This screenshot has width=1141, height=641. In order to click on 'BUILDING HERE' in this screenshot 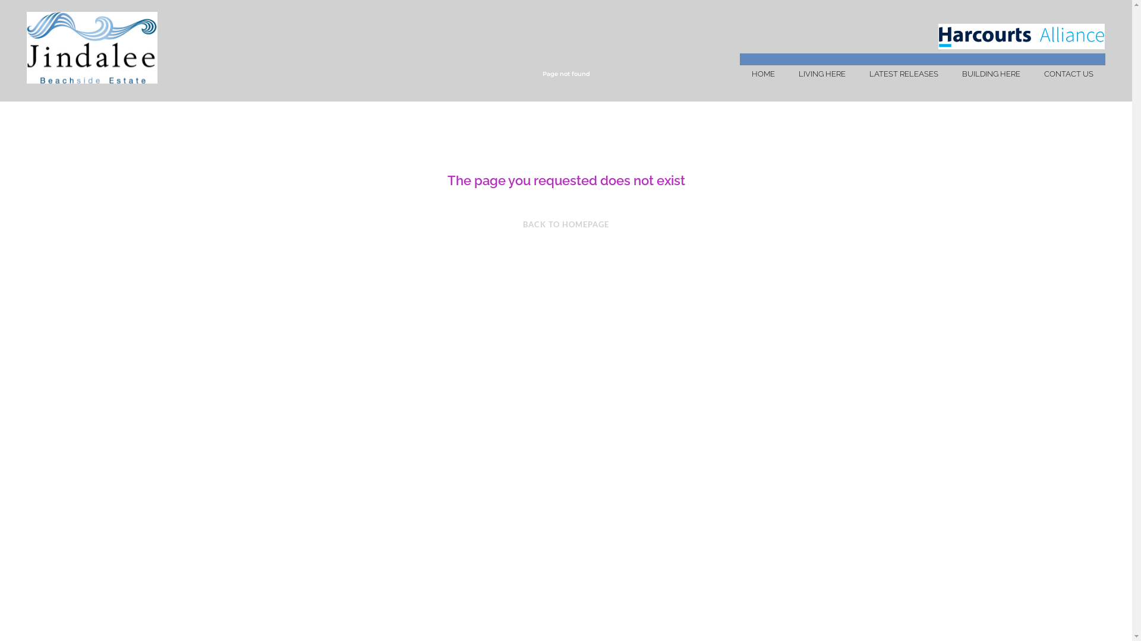, I will do `click(949, 74)`.